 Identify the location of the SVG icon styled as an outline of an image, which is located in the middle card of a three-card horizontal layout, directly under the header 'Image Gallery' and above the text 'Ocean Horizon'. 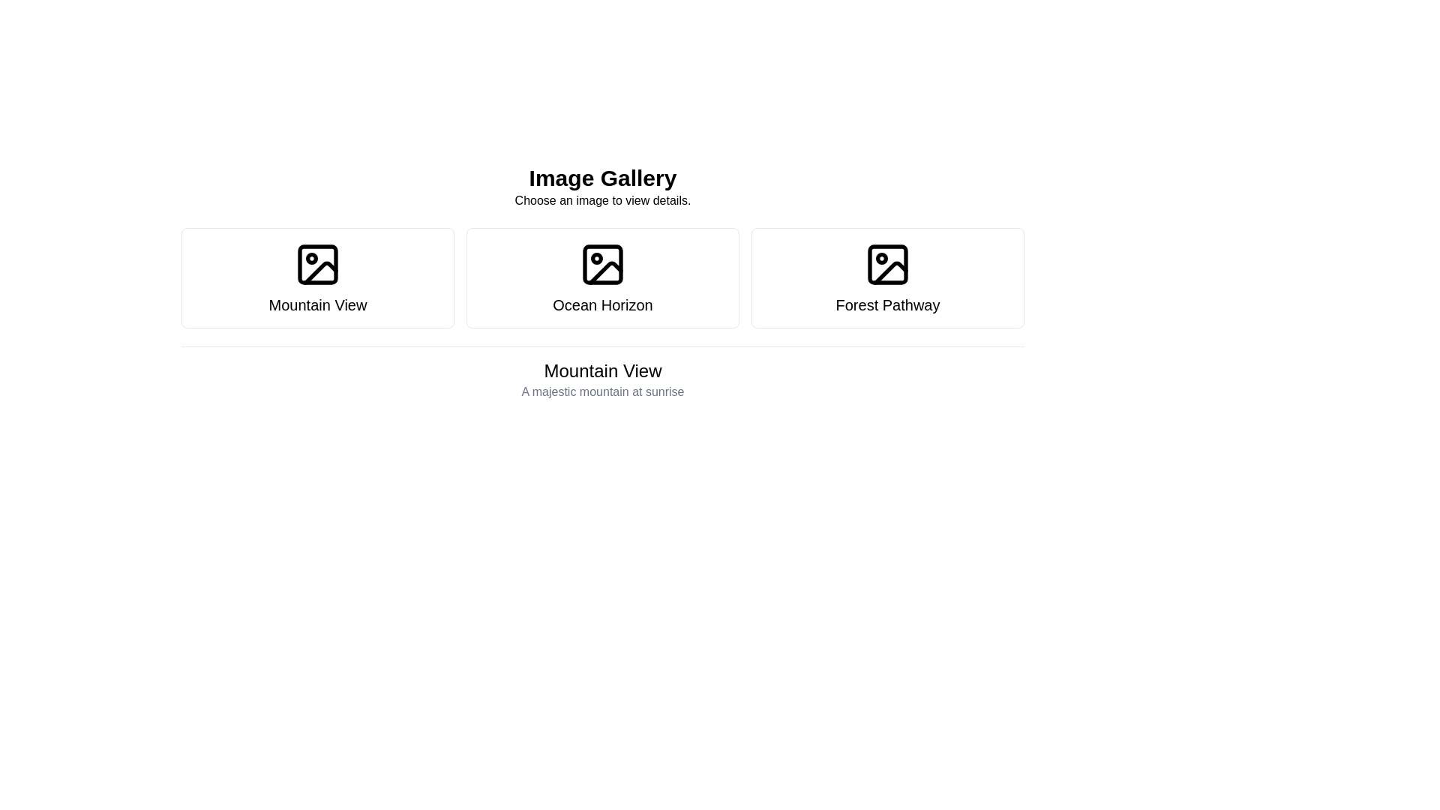
(603, 264).